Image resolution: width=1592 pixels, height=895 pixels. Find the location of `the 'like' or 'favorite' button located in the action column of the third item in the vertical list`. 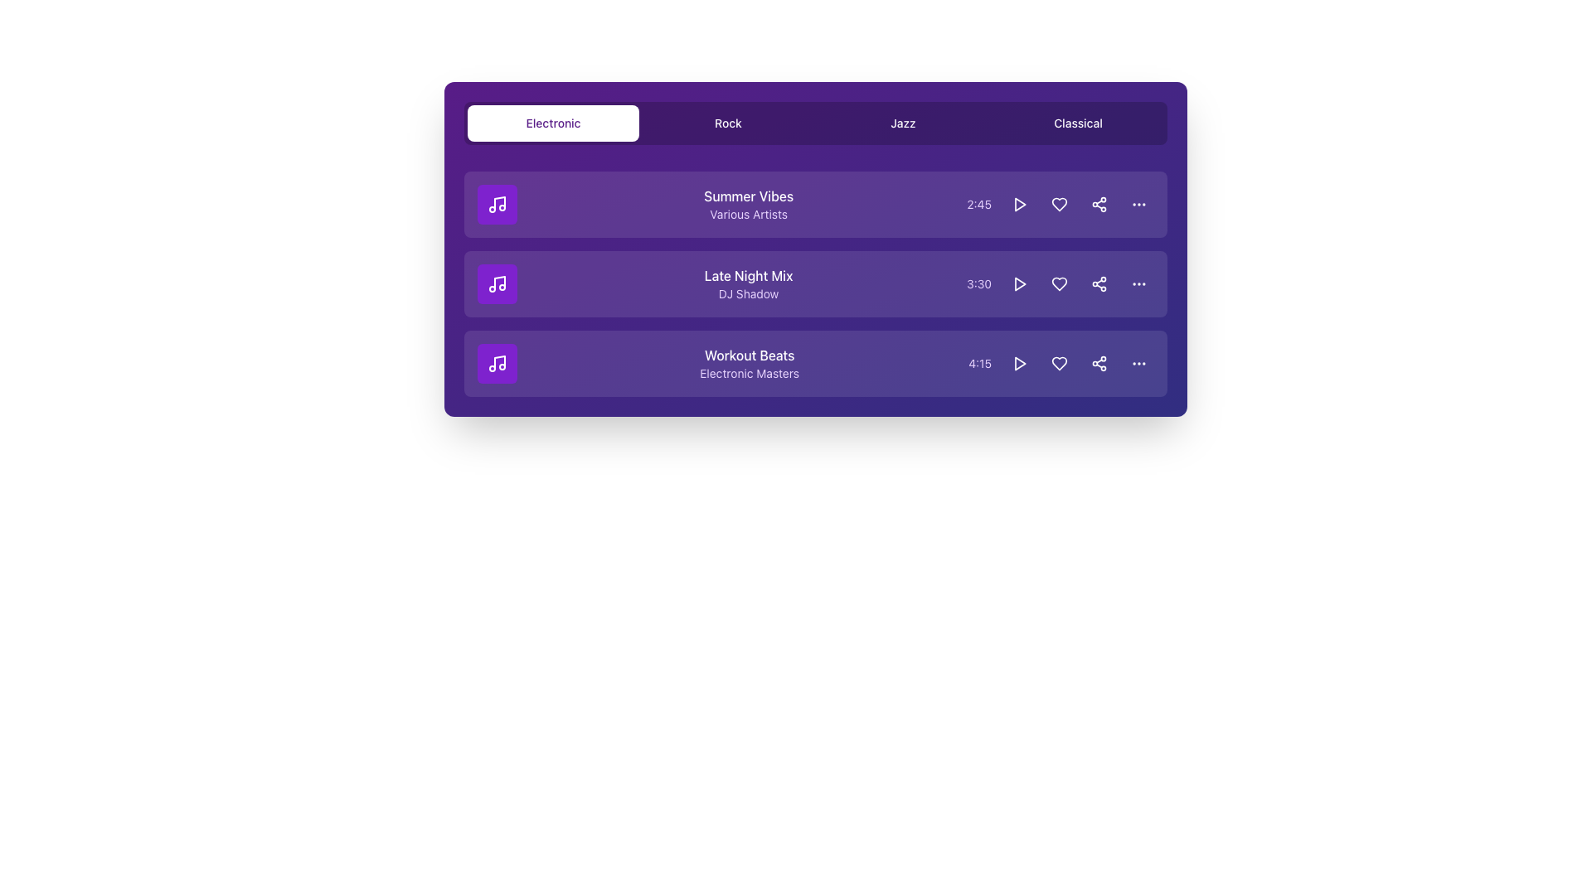

the 'like' or 'favorite' button located in the action column of the third item in the vertical list is located at coordinates (1058, 363).